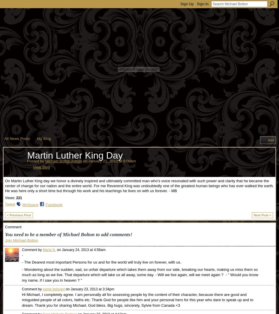  What do you see at coordinates (36, 138) in the screenshot?
I see `'My Blog'` at bounding box center [36, 138].